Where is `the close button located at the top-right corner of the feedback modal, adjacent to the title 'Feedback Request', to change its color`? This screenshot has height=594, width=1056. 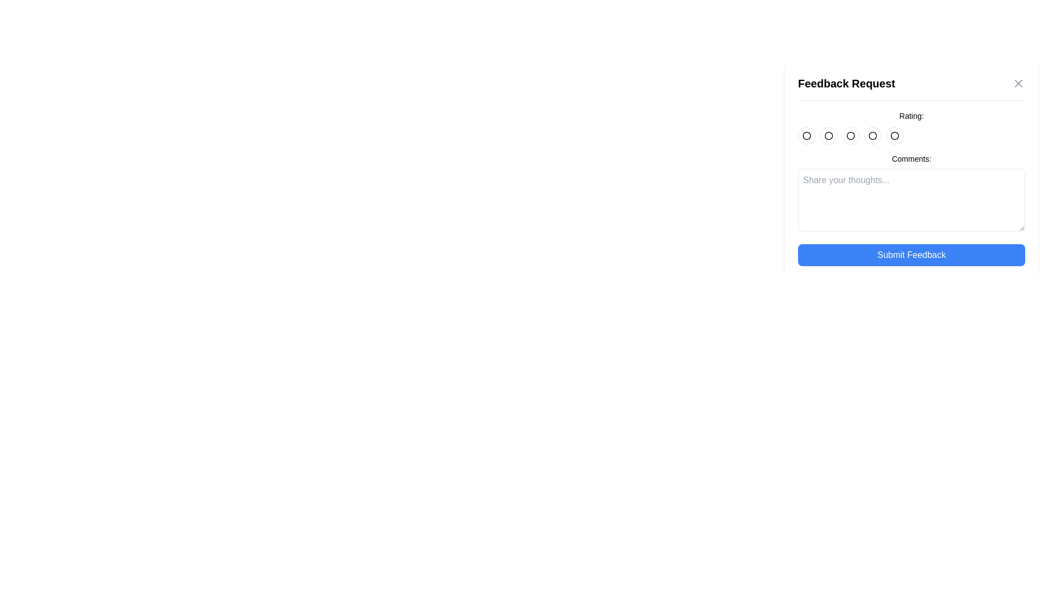
the close button located at the top-right corner of the feedback modal, adjacent to the title 'Feedback Request', to change its color is located at coordinates (1018, 82).